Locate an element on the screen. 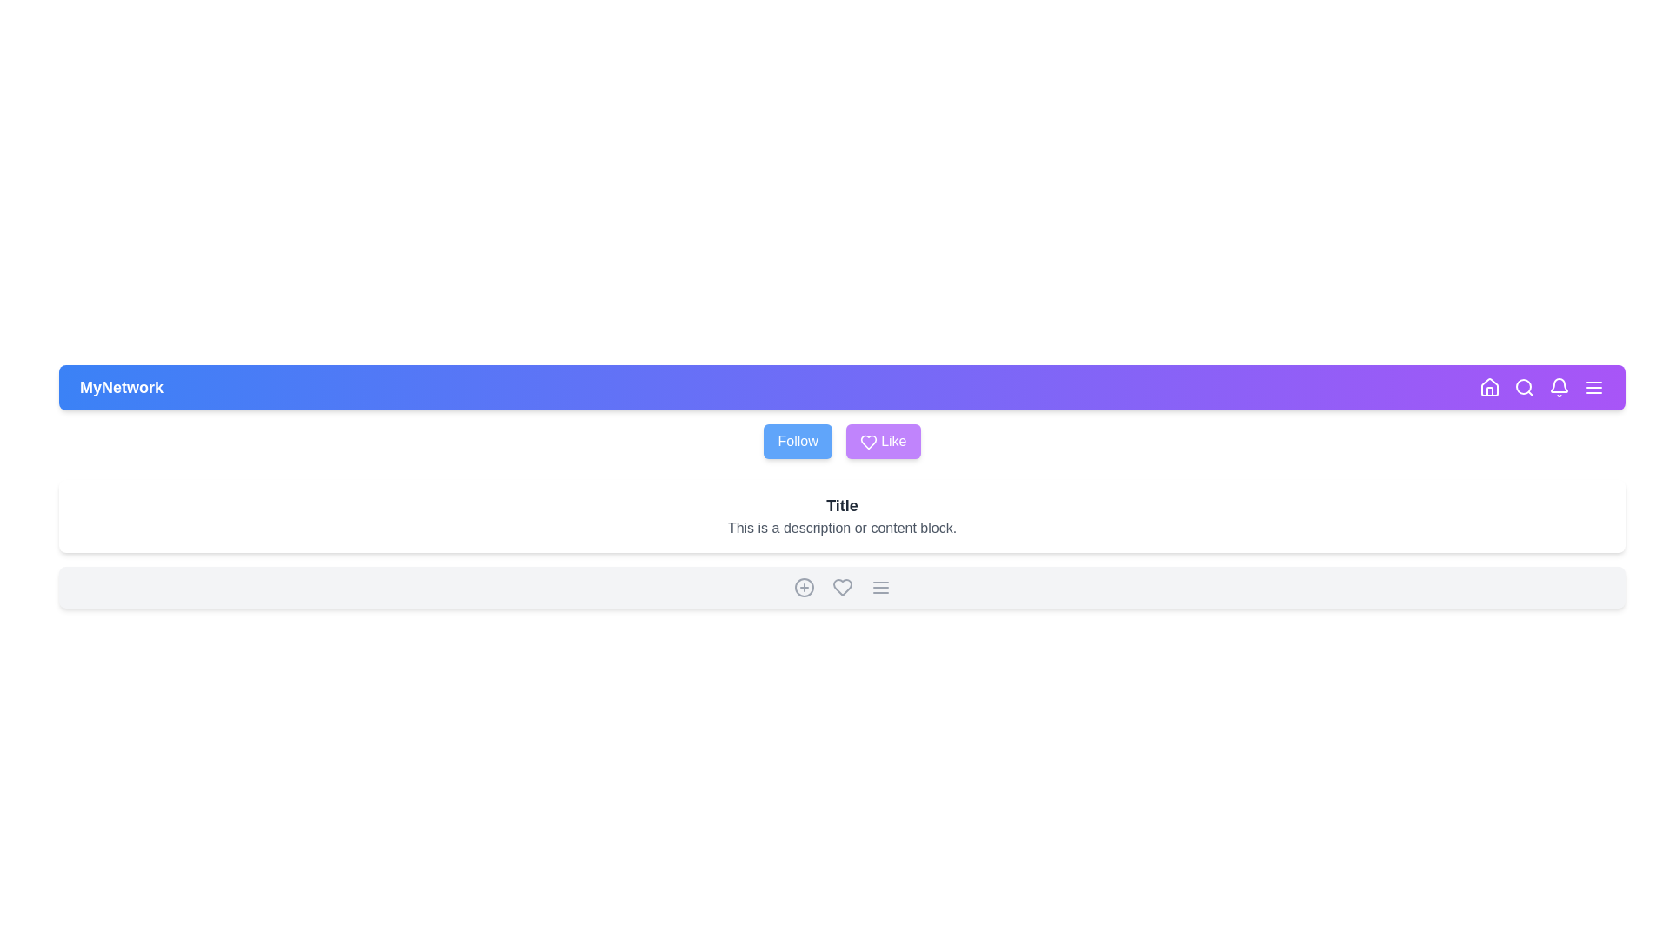 The height and width of the screenshot is (939, 1670). the menu button located at the far-right end of the purple header bar, which is the fifth icon is located at coordinates (1594, 387).